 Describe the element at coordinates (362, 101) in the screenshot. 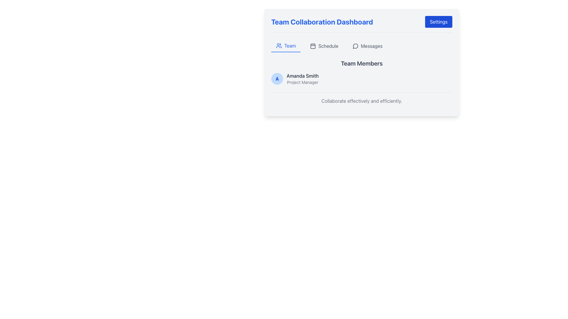

I see `the motivational statement displayed in the static text field located at the lower section of the card beneath 'Team Members' and 'Amanda Smith.'` at that location.